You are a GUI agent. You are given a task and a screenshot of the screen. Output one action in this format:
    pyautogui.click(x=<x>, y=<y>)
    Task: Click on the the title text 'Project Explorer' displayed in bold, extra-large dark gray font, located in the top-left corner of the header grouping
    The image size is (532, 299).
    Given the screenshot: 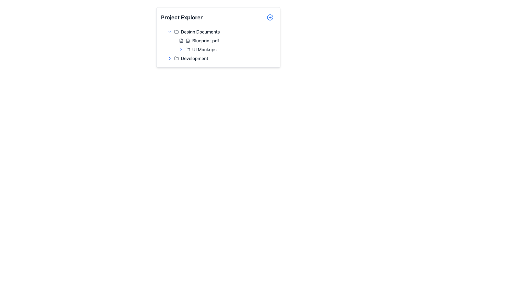 What is the action you would take?
    pyautogui.click(x=182, y=17)
    